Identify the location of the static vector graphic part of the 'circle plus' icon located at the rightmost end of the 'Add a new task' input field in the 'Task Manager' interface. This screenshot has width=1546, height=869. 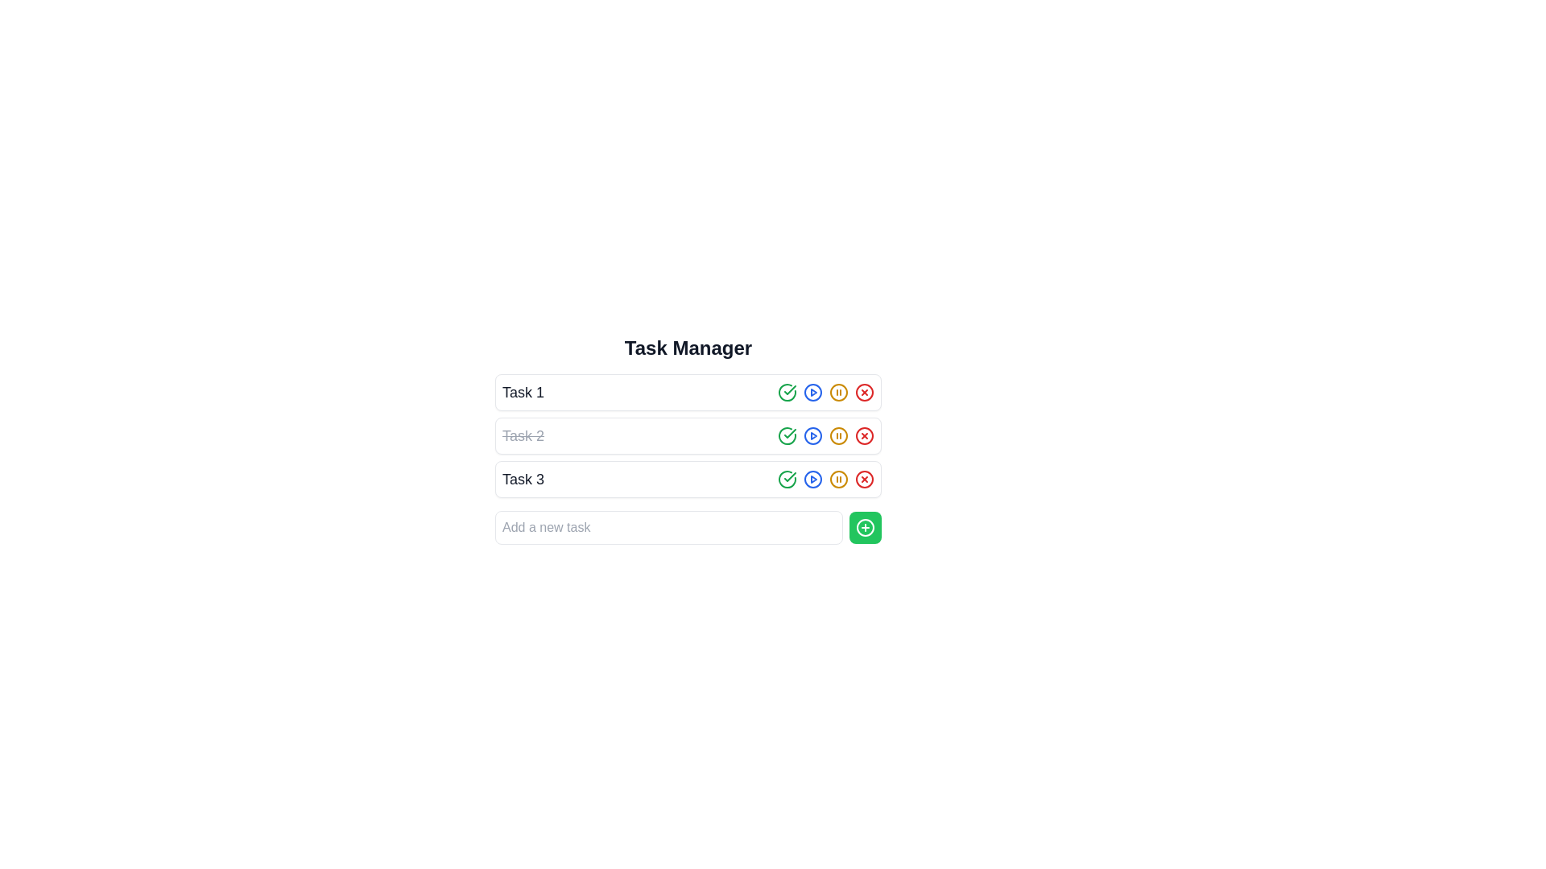
(865, 527).